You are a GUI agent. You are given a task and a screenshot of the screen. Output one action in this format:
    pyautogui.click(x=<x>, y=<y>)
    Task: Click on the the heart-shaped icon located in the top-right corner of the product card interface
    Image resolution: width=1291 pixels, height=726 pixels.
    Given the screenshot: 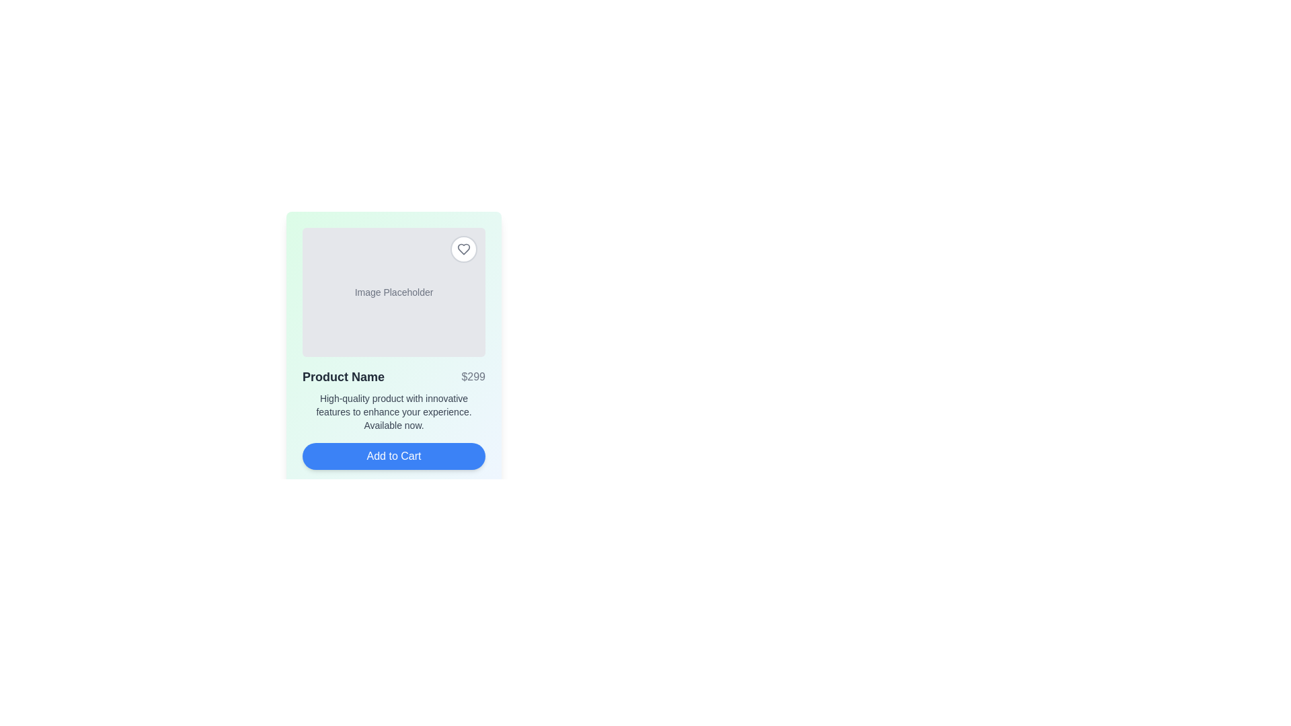 What is the action you would take?
    pyautogui.click(x=464, y=249)
    